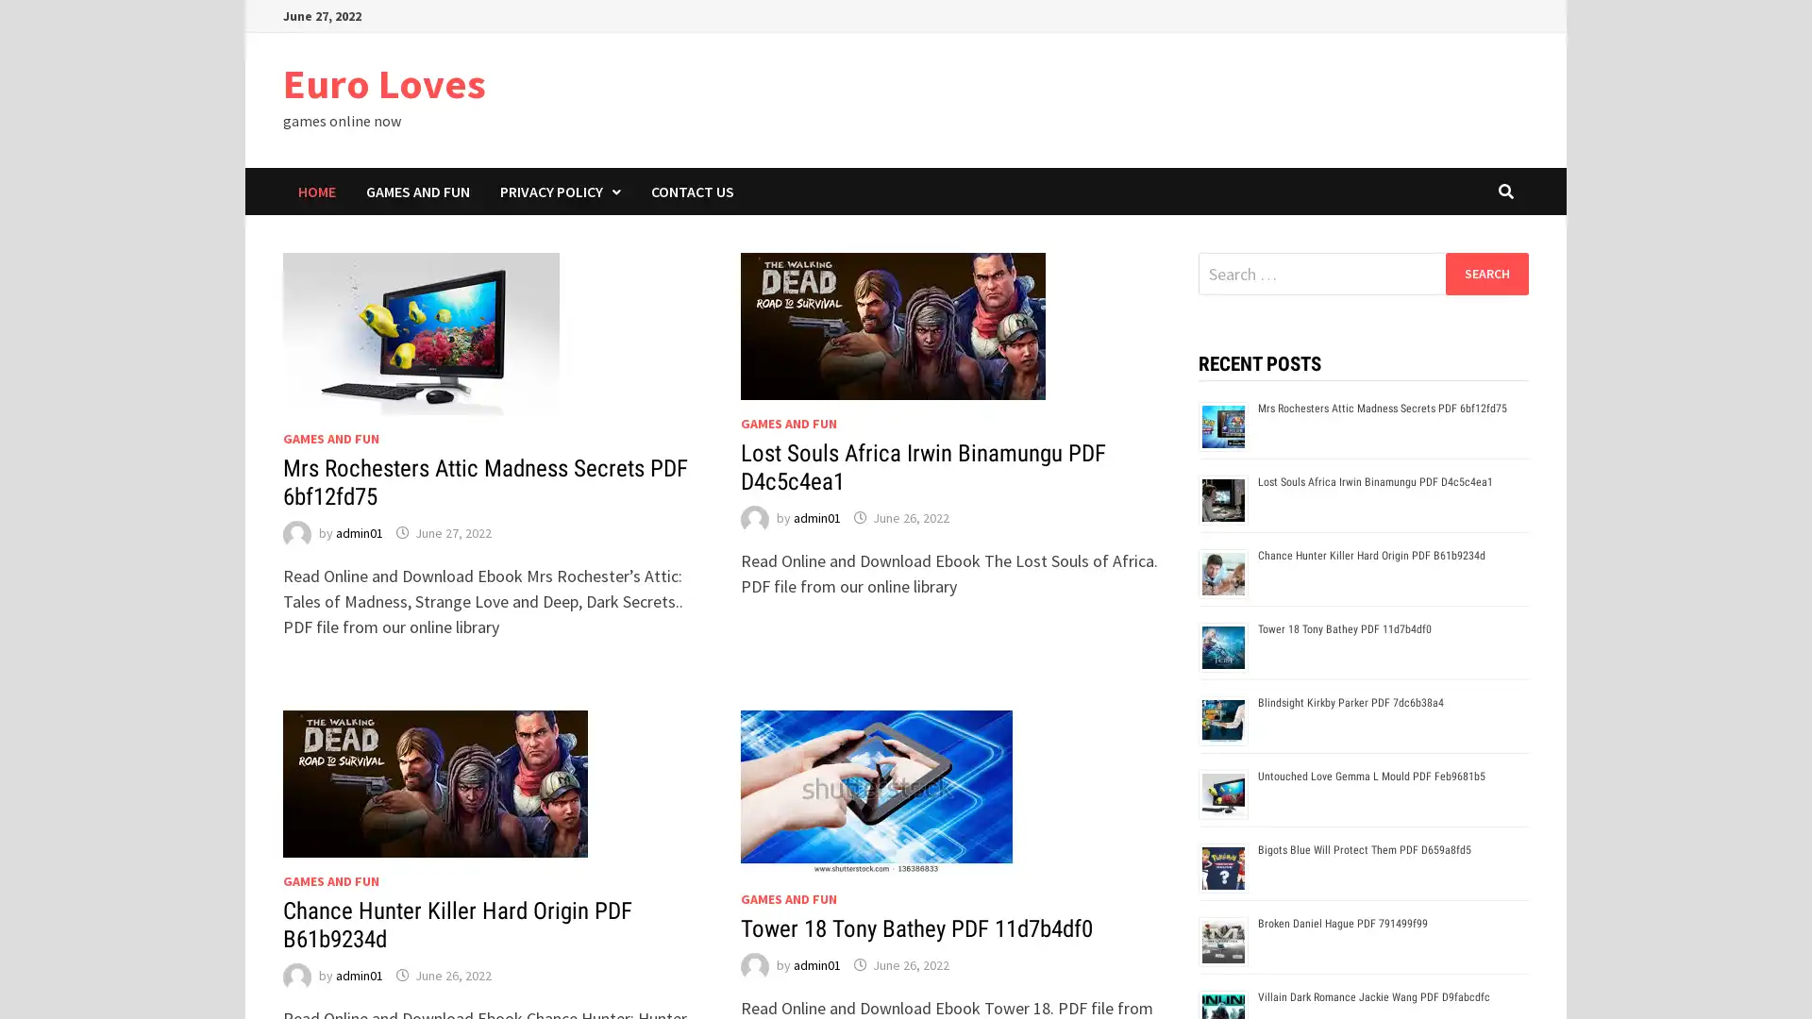 This screenshot has width=1812, height=1019. I want to click on Search, so click(1485, 273).